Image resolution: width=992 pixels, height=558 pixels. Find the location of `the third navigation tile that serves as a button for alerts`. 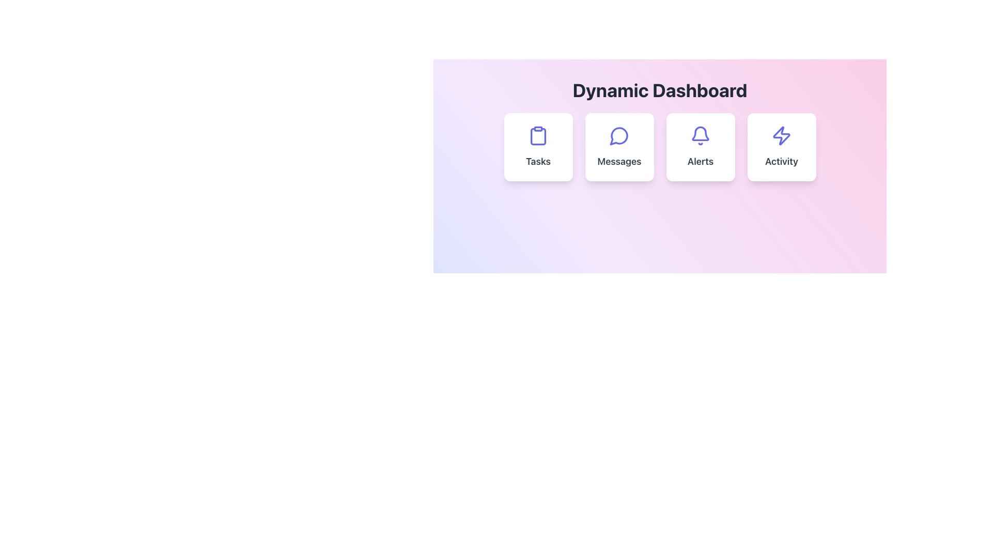

the third navigation tile that serves as a button for alerts is located at coordinates (701, 147).